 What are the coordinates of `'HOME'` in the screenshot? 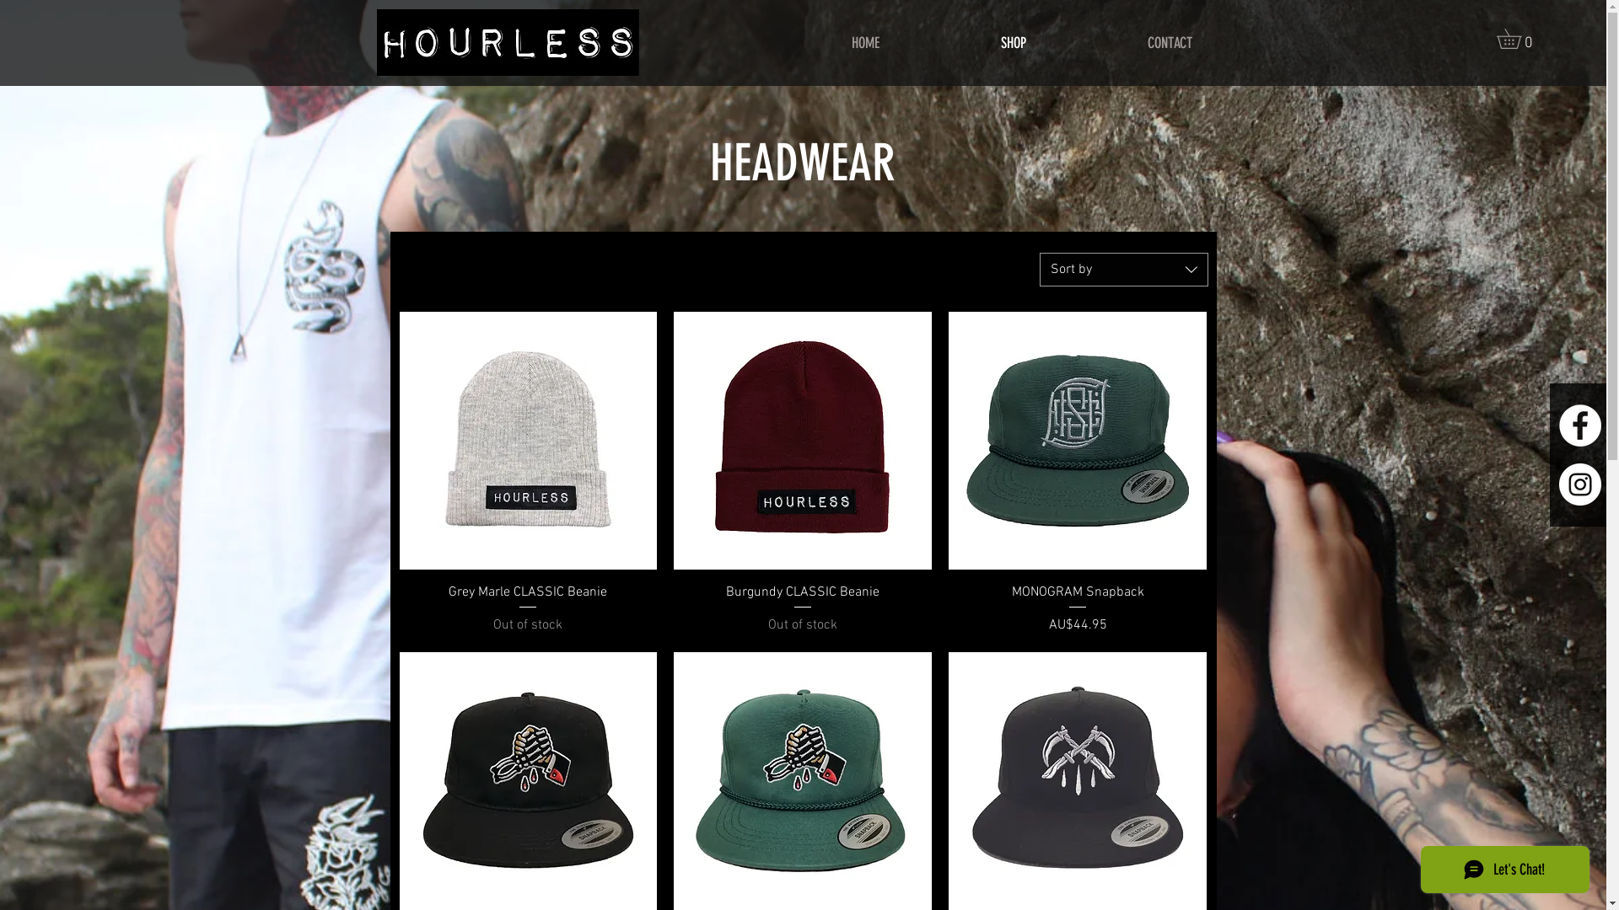 It's located at (865, 42).